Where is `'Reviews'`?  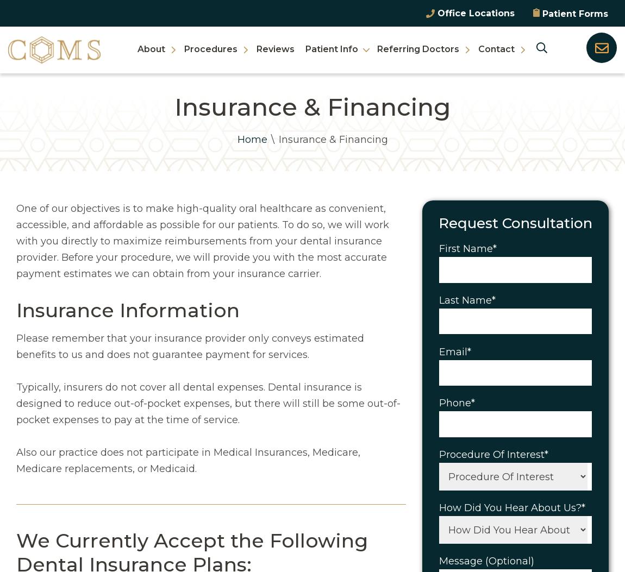
'Reviews' is located at coordinates (275, 48).